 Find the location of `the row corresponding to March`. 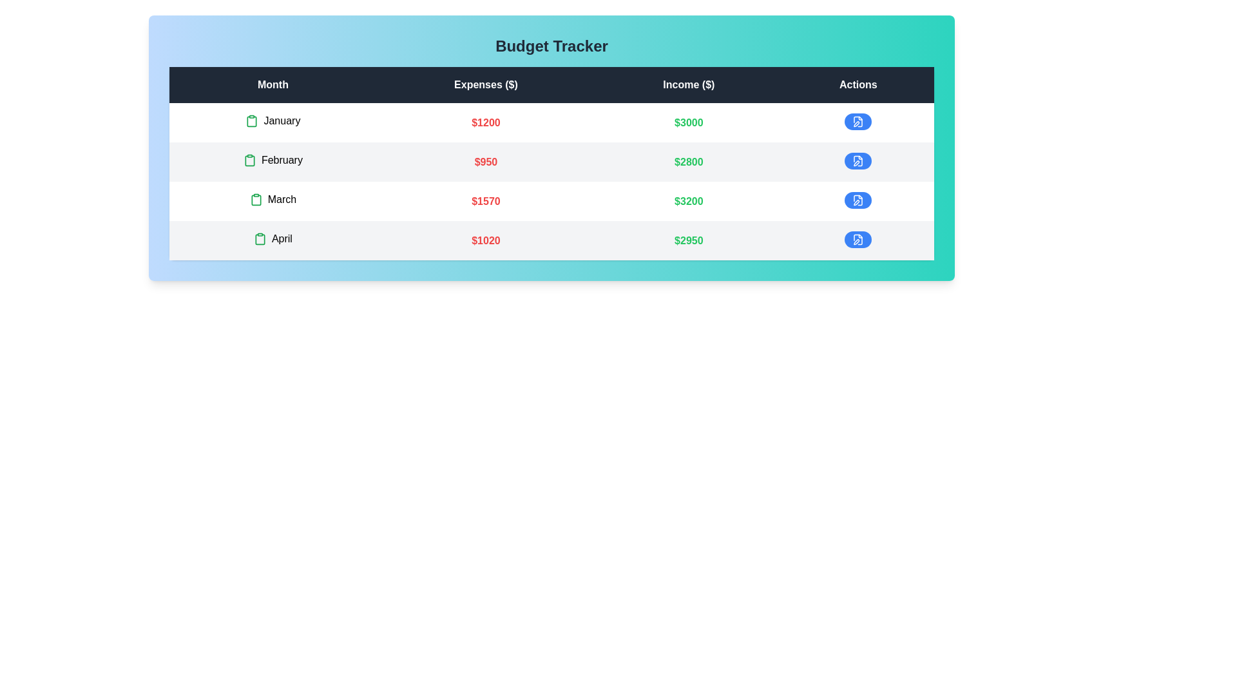

the row corresponding to March is located at coordinates (551, 201).